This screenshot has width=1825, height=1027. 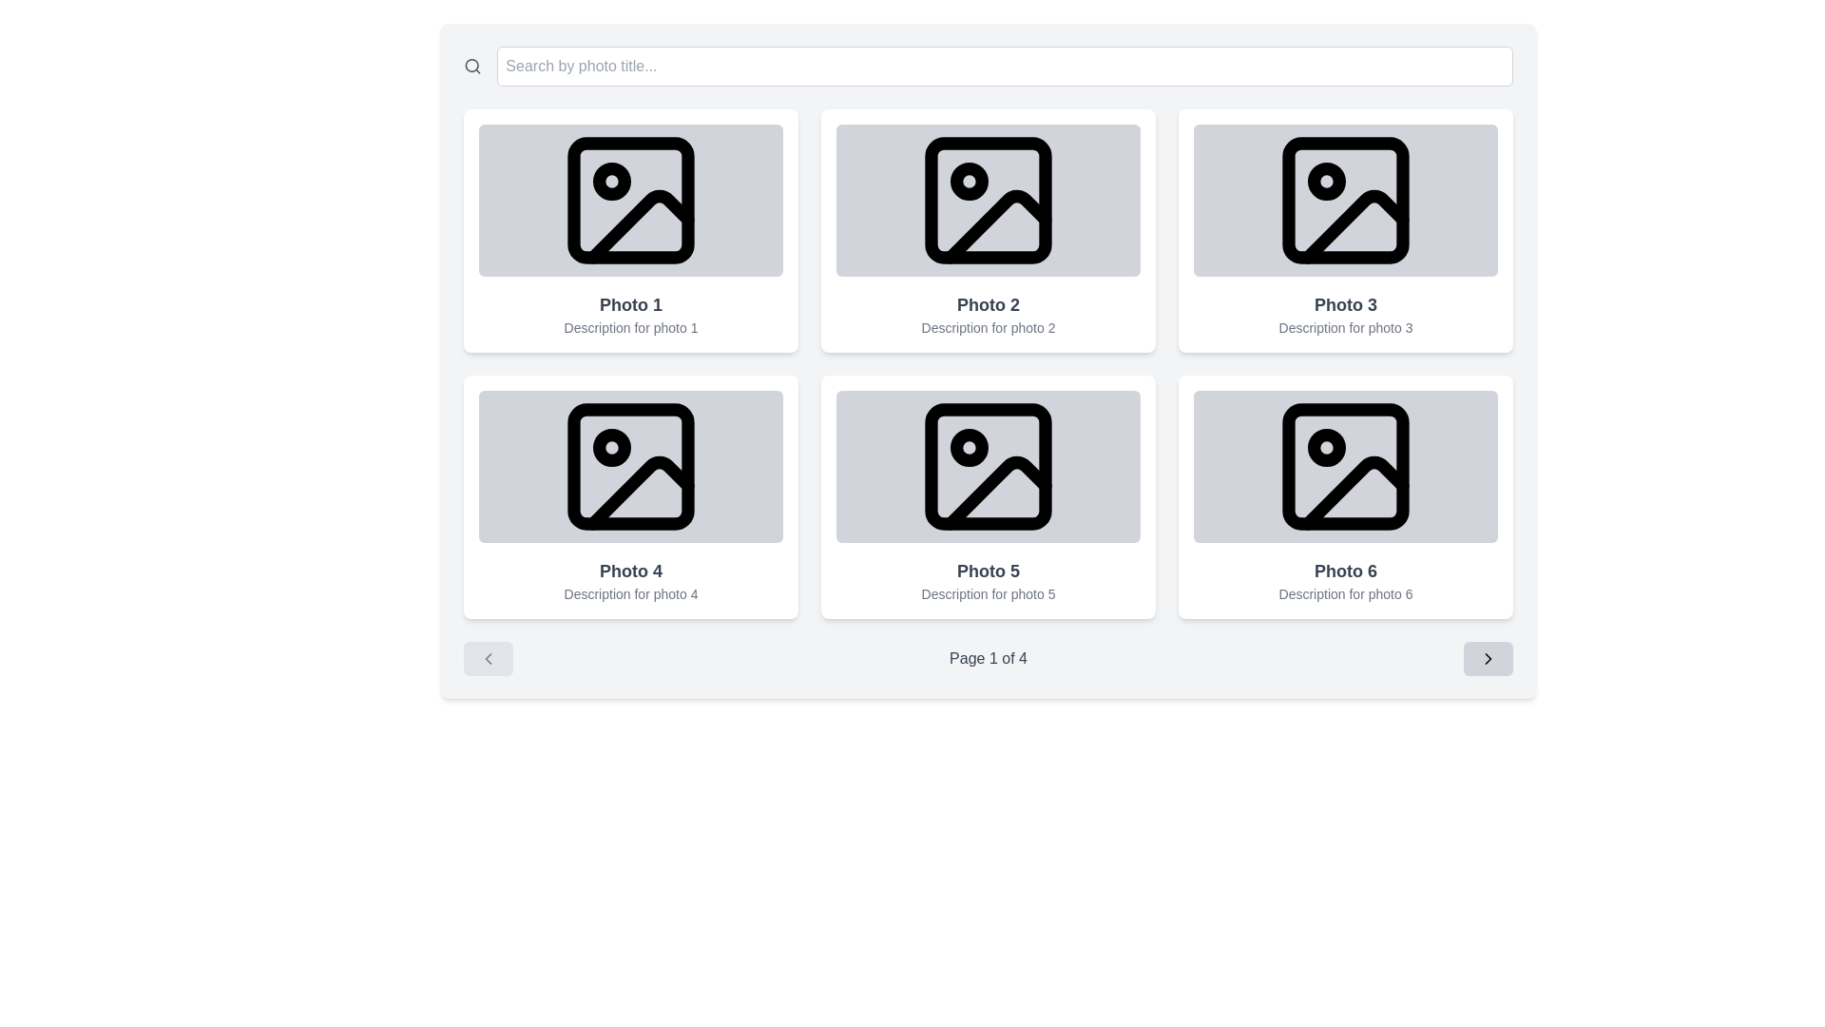 What do you see at coordinates (1487, 658) in the screenshot?
I see `the navigation icon located at the bottom-right corner of the main interface to proceed to the next page of content` at bounding box center [1487, 658].